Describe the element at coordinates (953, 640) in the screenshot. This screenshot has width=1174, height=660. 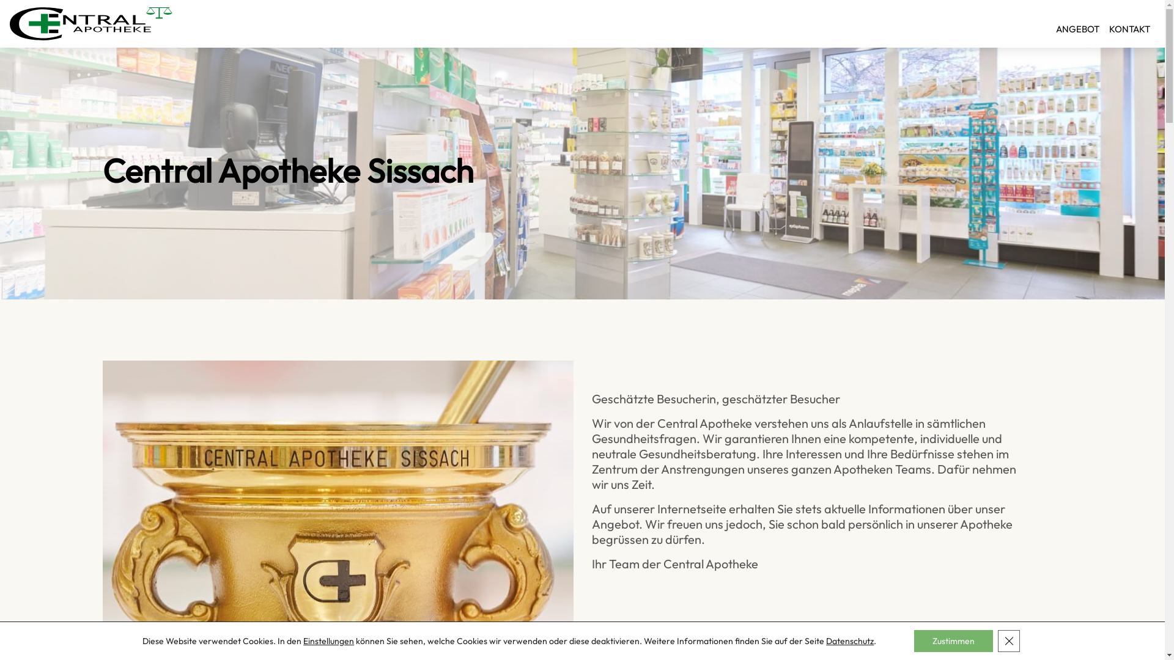
I see `'Zustimmen'` at that location.